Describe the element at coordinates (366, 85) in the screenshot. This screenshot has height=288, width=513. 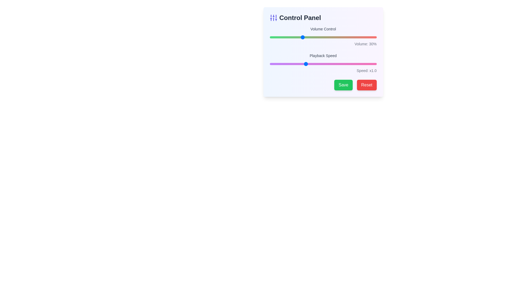
I see `the 'Reset' button to revert changes` at that location.